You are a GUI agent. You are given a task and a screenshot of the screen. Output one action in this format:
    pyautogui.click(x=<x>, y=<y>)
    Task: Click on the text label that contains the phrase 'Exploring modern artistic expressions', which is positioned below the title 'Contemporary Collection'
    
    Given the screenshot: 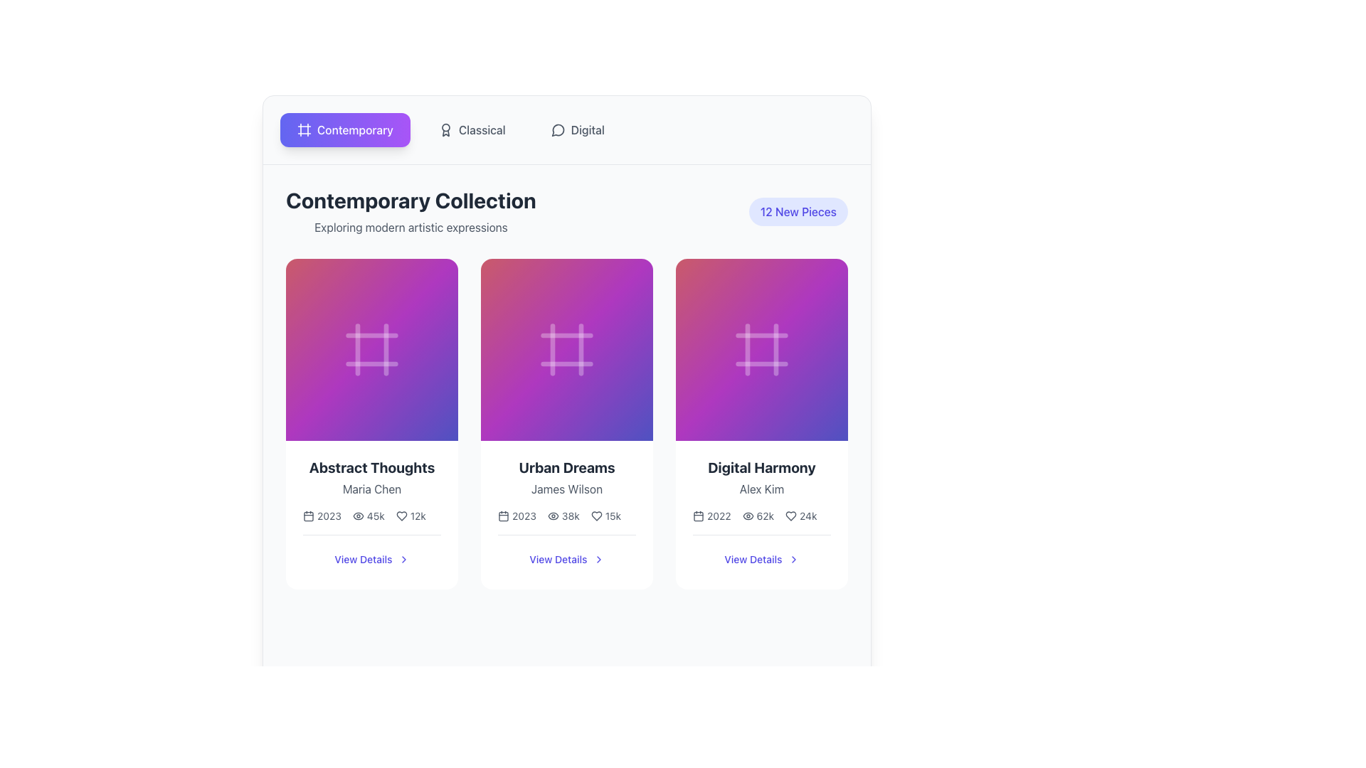 What is the action you would take?
    pyautogui.click(x=410, y=227)
    